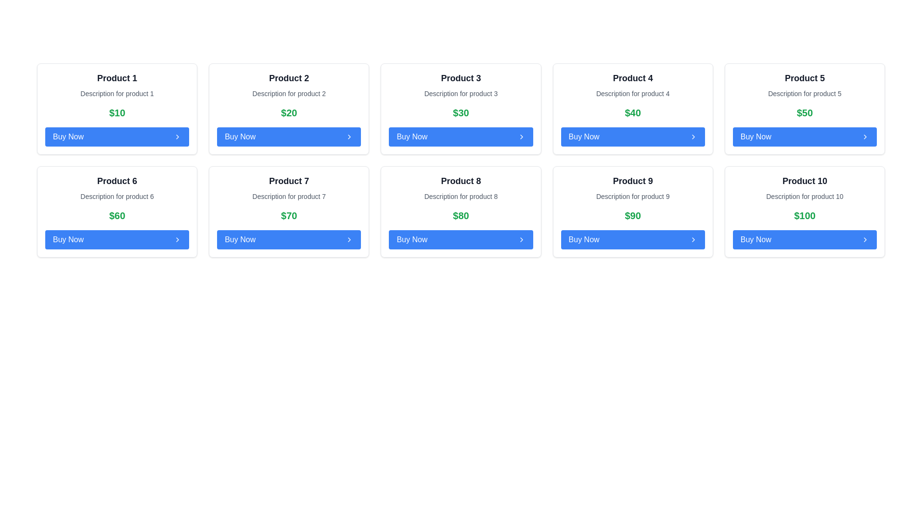  I want to click on the 'Buy Now' button in the third product card ('Product 3'), which contains the decorative icon located on the far-right side of the button, so click(521, 137).